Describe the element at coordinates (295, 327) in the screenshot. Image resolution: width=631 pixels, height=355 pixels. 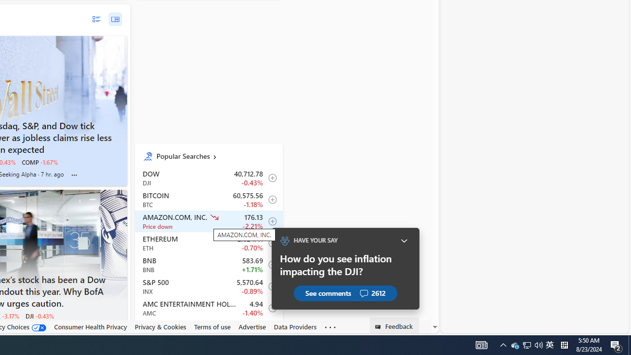
I see `'Data Providers'` at that location.